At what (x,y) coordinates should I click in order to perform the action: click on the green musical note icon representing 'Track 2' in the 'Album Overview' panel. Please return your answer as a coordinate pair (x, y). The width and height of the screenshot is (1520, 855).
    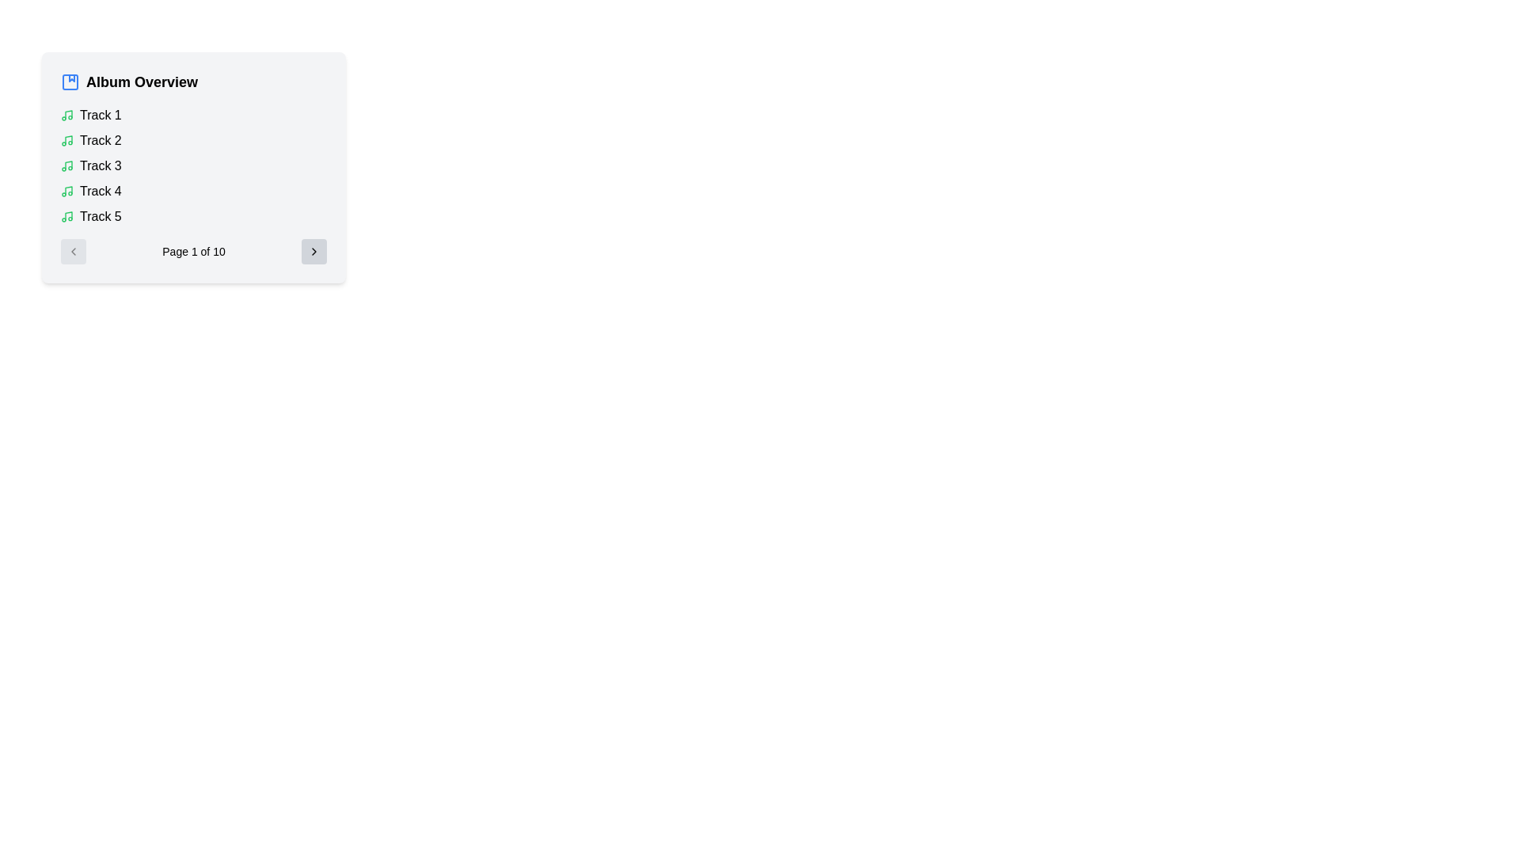
    Looking at the image, I should click on (66, 139).